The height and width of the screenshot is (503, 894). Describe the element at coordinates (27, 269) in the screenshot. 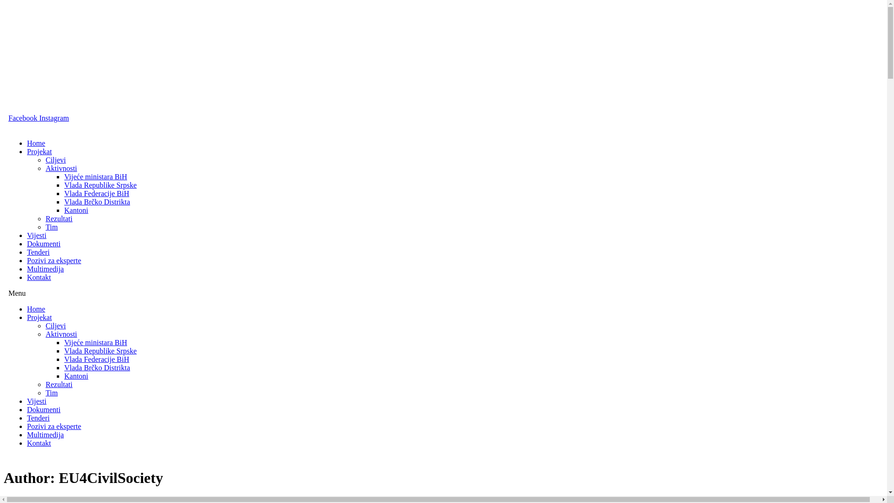

I see `'Multimedija'` at that location.